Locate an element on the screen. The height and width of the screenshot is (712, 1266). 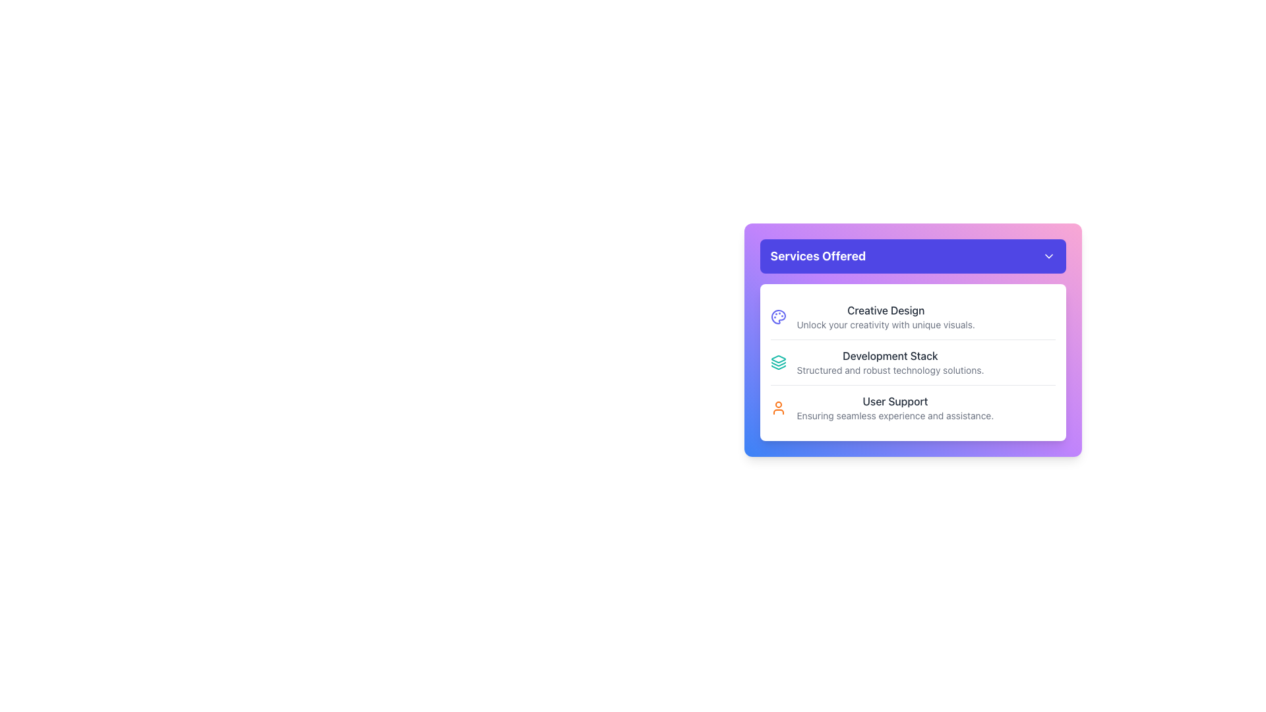
text label displaying 'Structured and robust technology solutions.' located beneath the 'Development Stack' heading within the card interface is located at coordinates (890, 371).